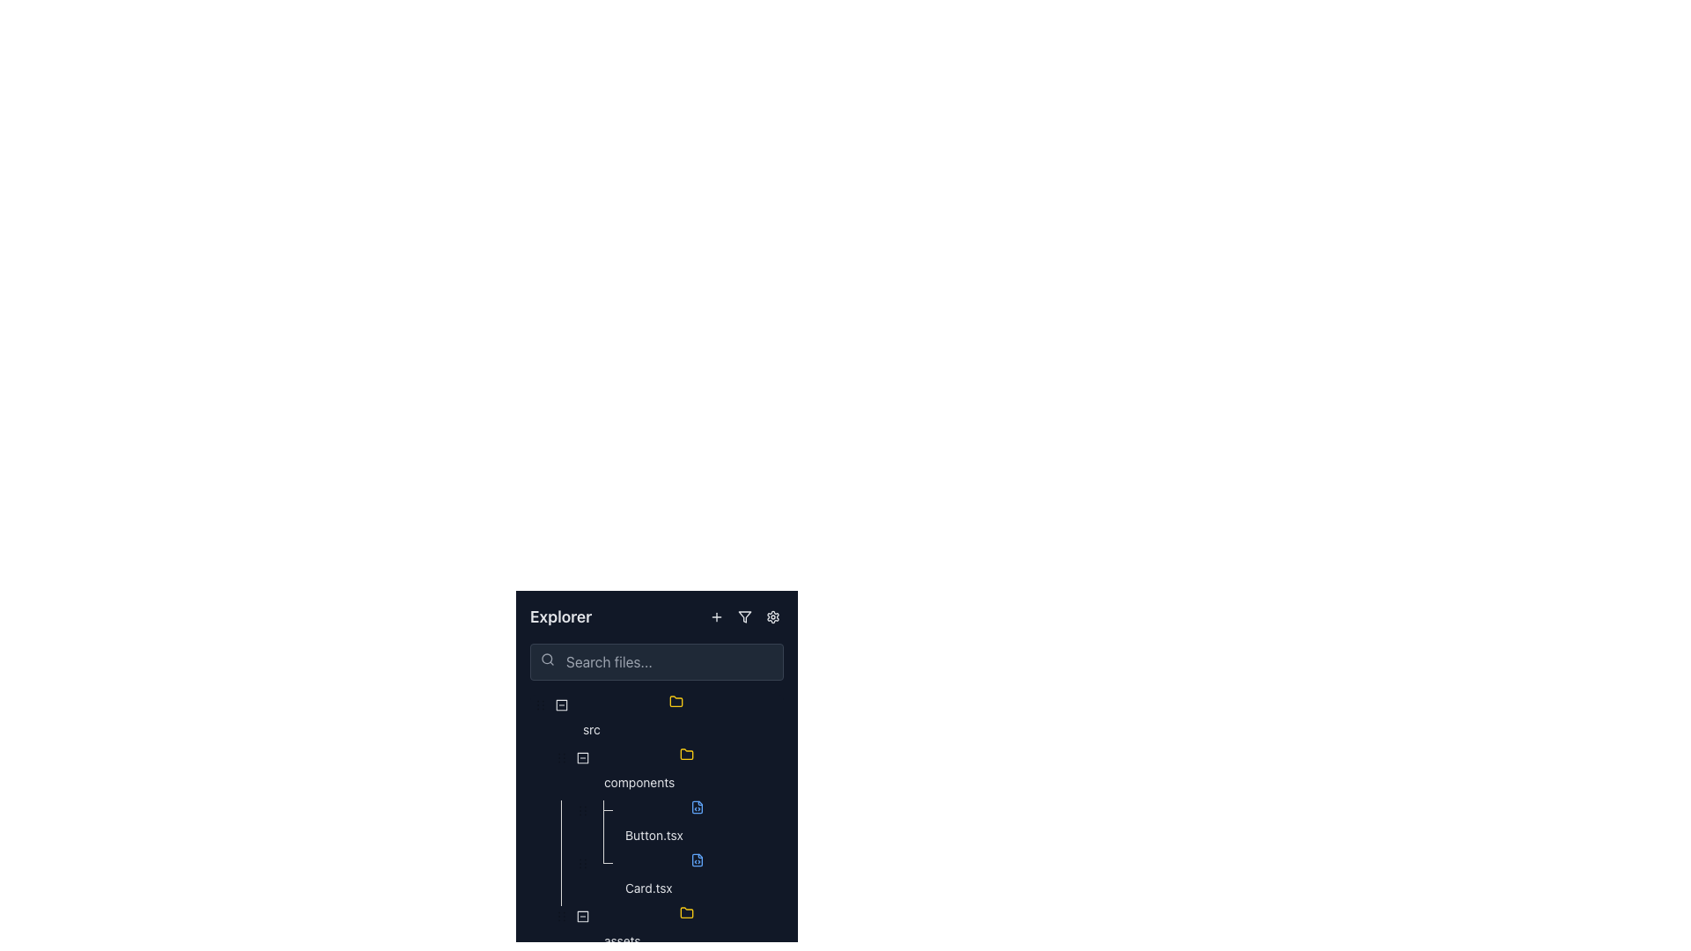  Describe the element at coordinates (685, 753) in the screenshot. I see `the yellow folder icon representing a directory under the 'src' folder in the file browser interface` at that location.